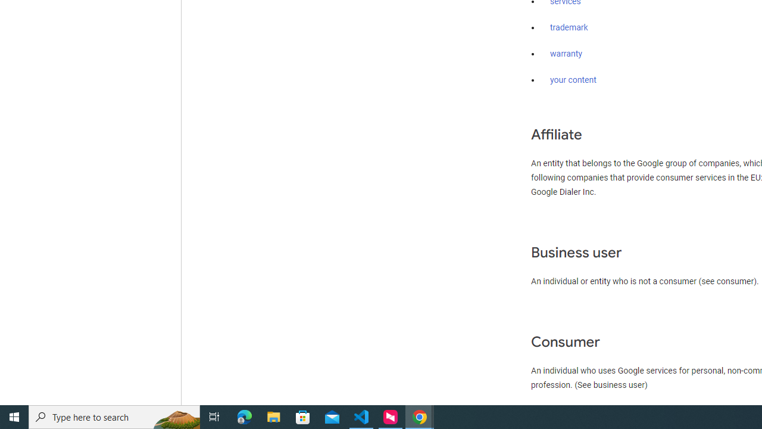 The height and width of the screenshot is (429, 762). What do you see at coordinates (566, 54) in the screenshot?
I see `'warranty'` at bounding box center [566, 54].